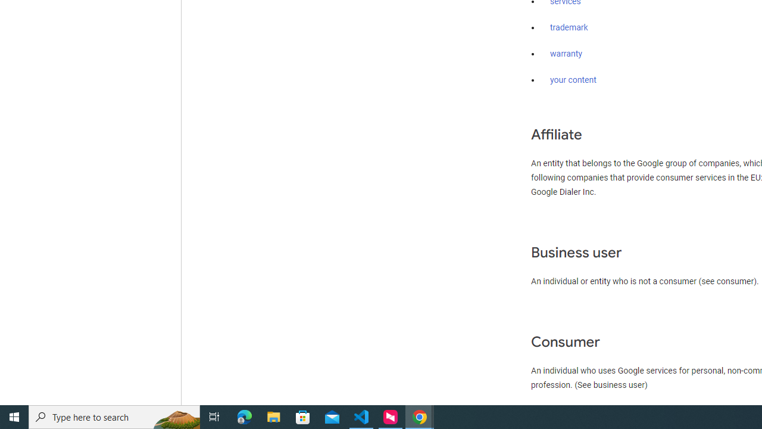 The height and width of the screenshot is (429, 762). What do you see at coordinates (566, 54) in the screenshot?
I see `'warranty'` at bounding box center [566, 54].